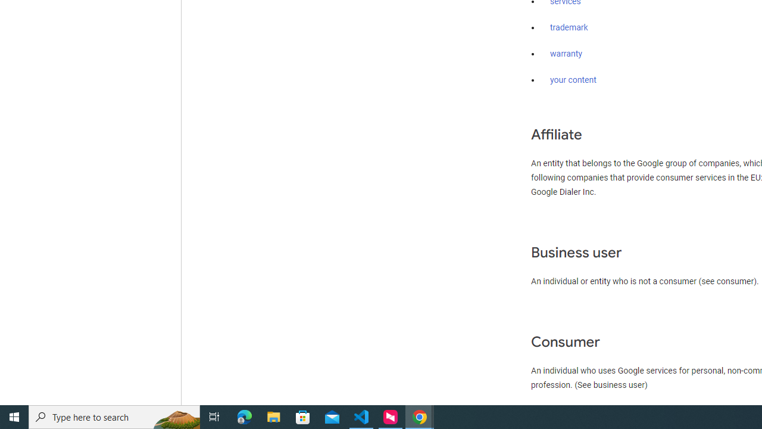 The height and width of the screenshot is (429, 762). What do you see at coordinates (566, 54) in the screenshot?
I see `'warranty'` at bounding box center [566, 54].